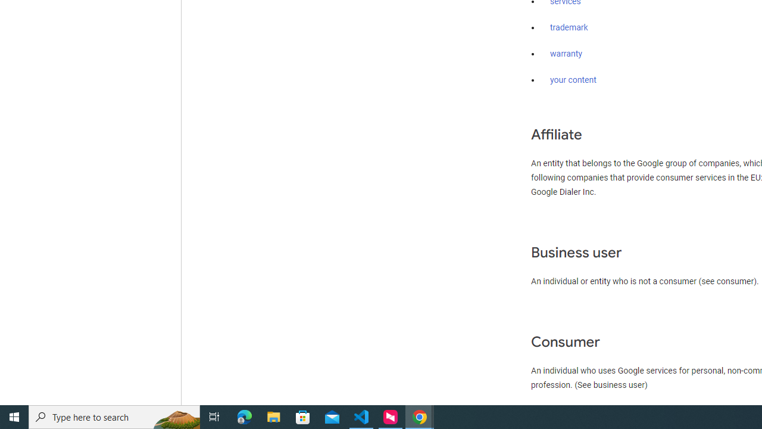 The height and width of the screenshot is (429, 762). What do you see at coordinates (566, 54) in the screenshot?
I see `'warranty'` at bounding box center [566, 54].